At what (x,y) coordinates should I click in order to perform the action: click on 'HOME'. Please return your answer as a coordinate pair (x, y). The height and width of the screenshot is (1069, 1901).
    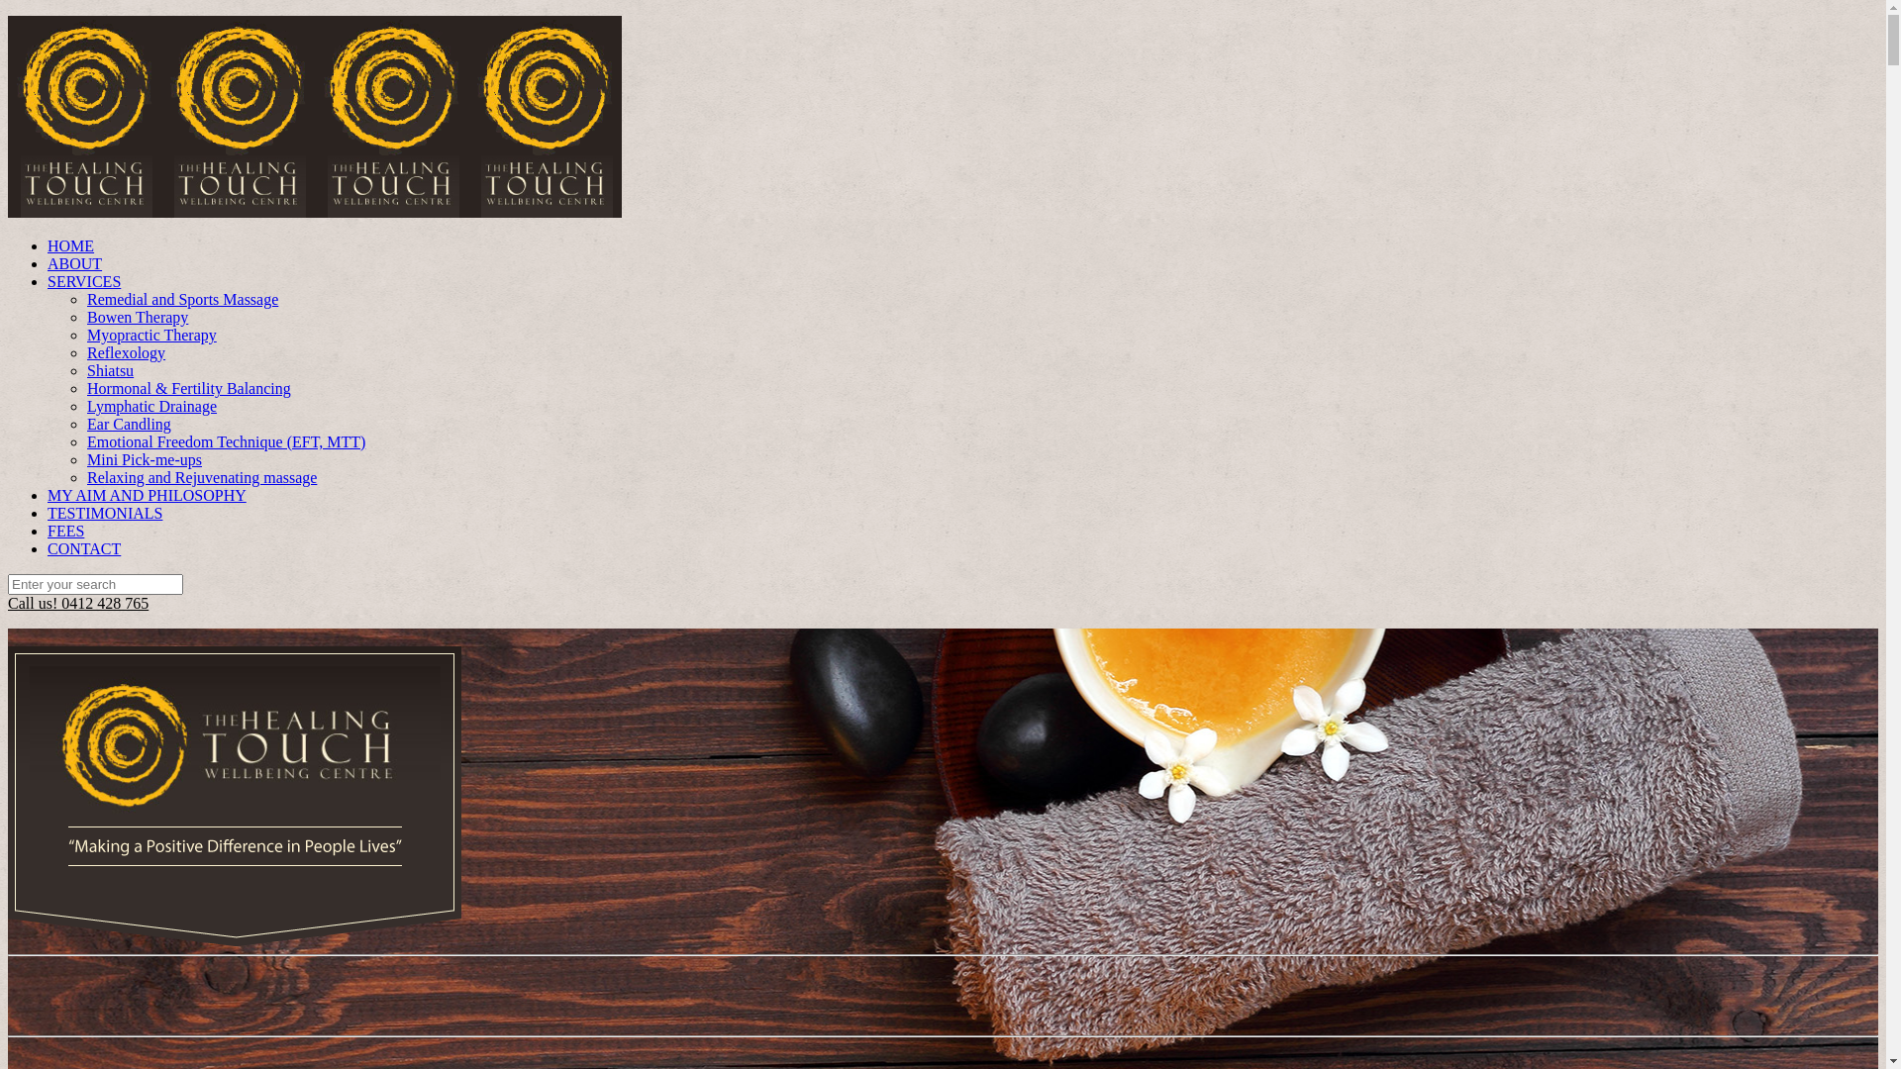
    Looking at the image, I should click on (70, 244).